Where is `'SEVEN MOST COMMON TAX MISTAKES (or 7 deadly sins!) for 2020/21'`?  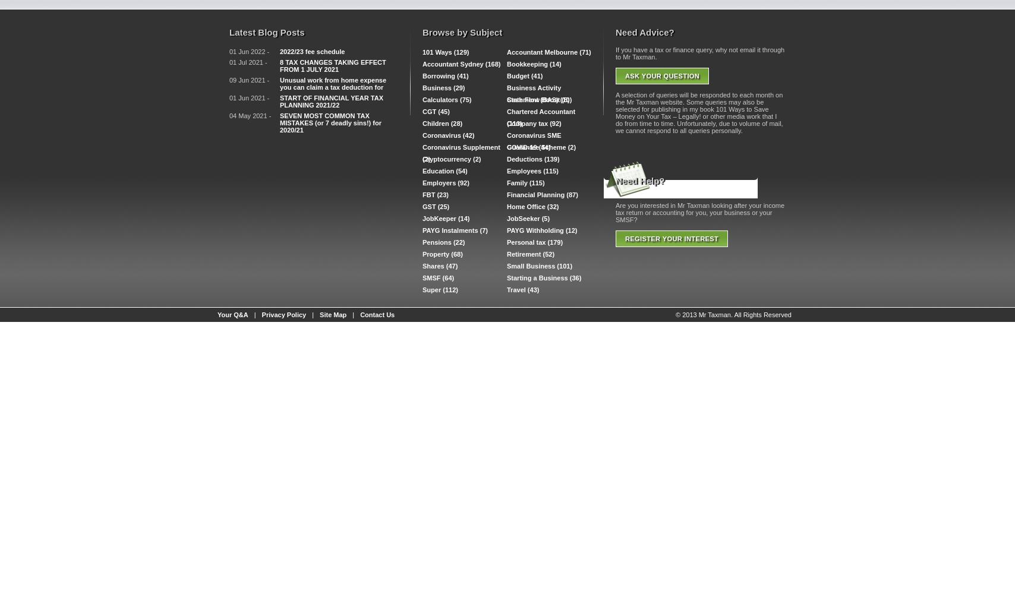 'SEVEN MOST COMMON TAX MISTAKES (or 7 deadly sins!) for 2020/21' is located at coordinates (330, 122).